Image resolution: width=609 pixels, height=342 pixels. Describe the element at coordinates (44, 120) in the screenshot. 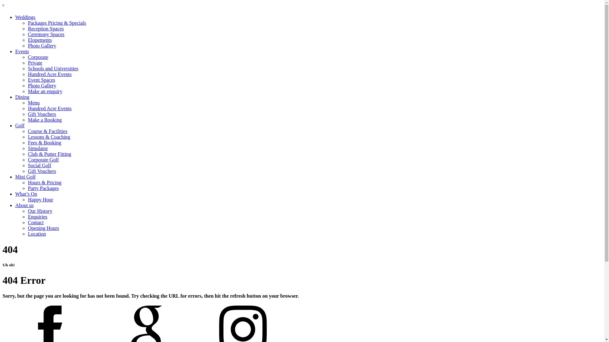

I see `'Make a Booking'` at that location.